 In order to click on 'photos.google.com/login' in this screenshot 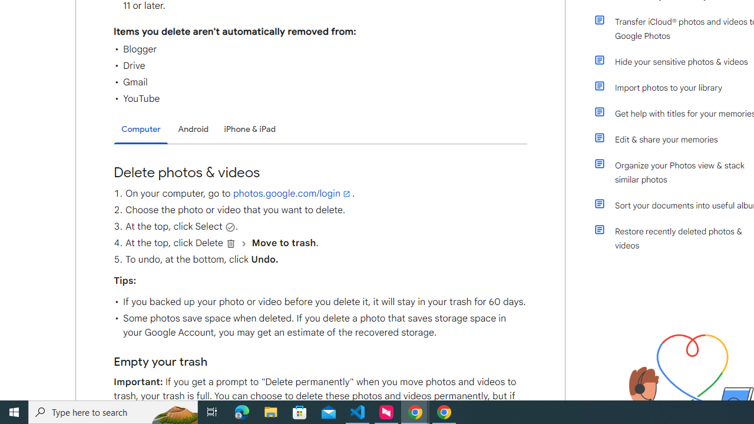, I will do `click(292, 193)`.